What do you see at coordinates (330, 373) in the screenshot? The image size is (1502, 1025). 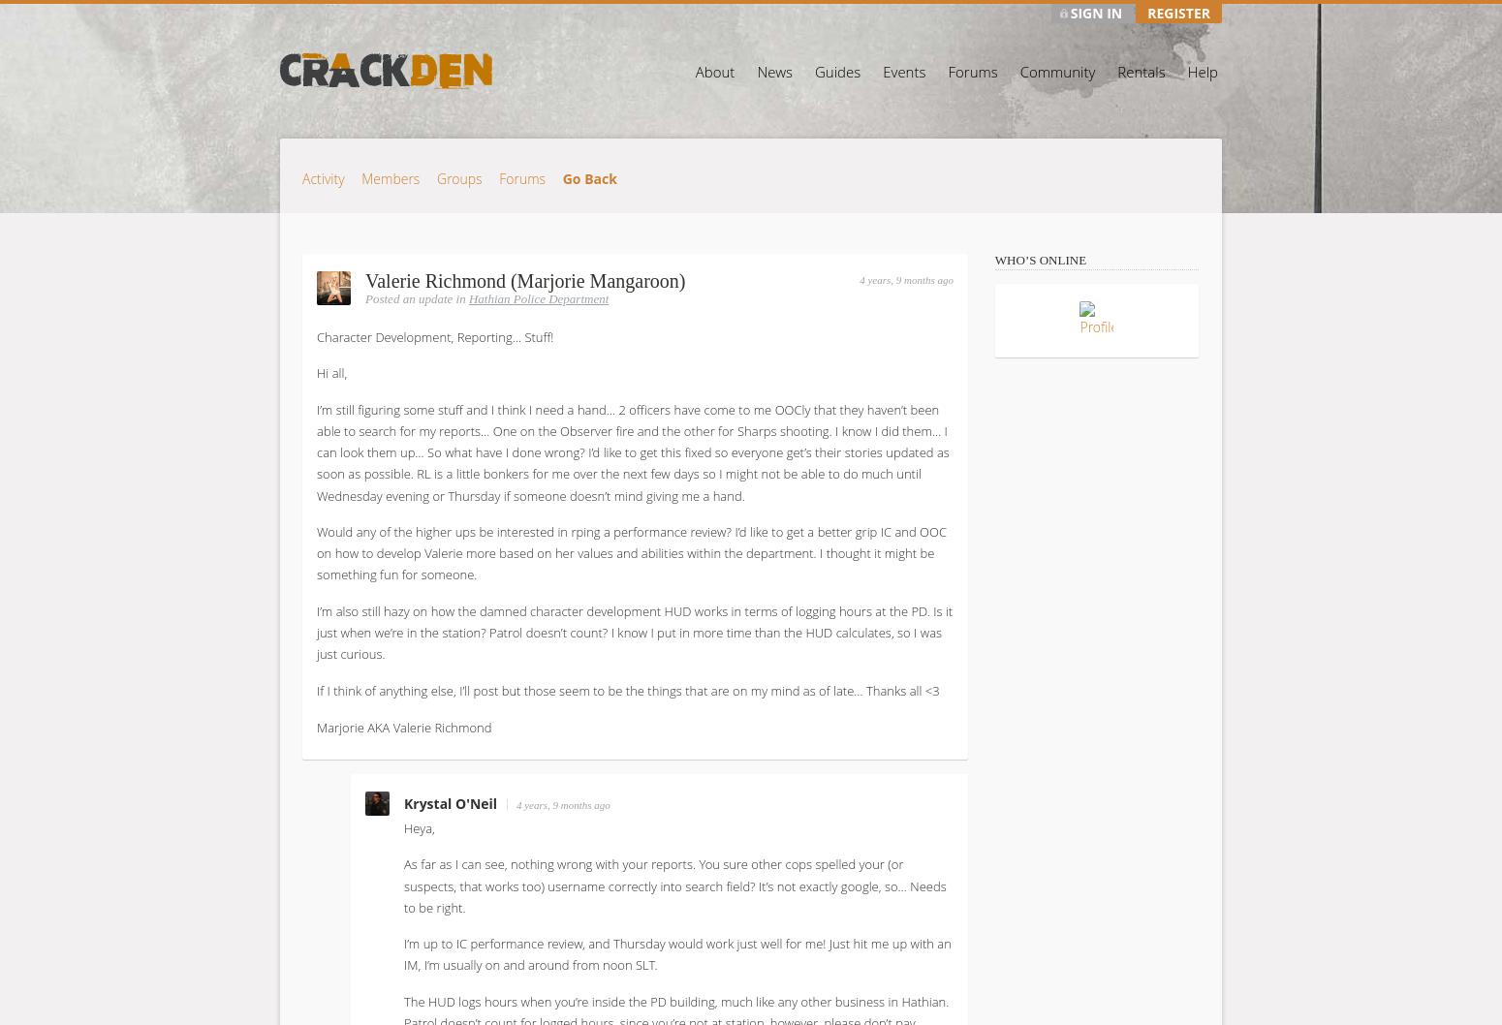 I see `'Hi all,'` at bounding box center [330, 373].